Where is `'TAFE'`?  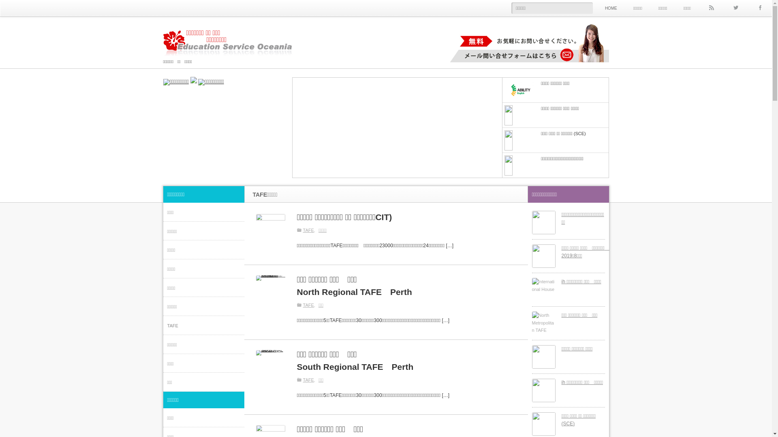 'TAFE' is located at coordinates (310, 380).